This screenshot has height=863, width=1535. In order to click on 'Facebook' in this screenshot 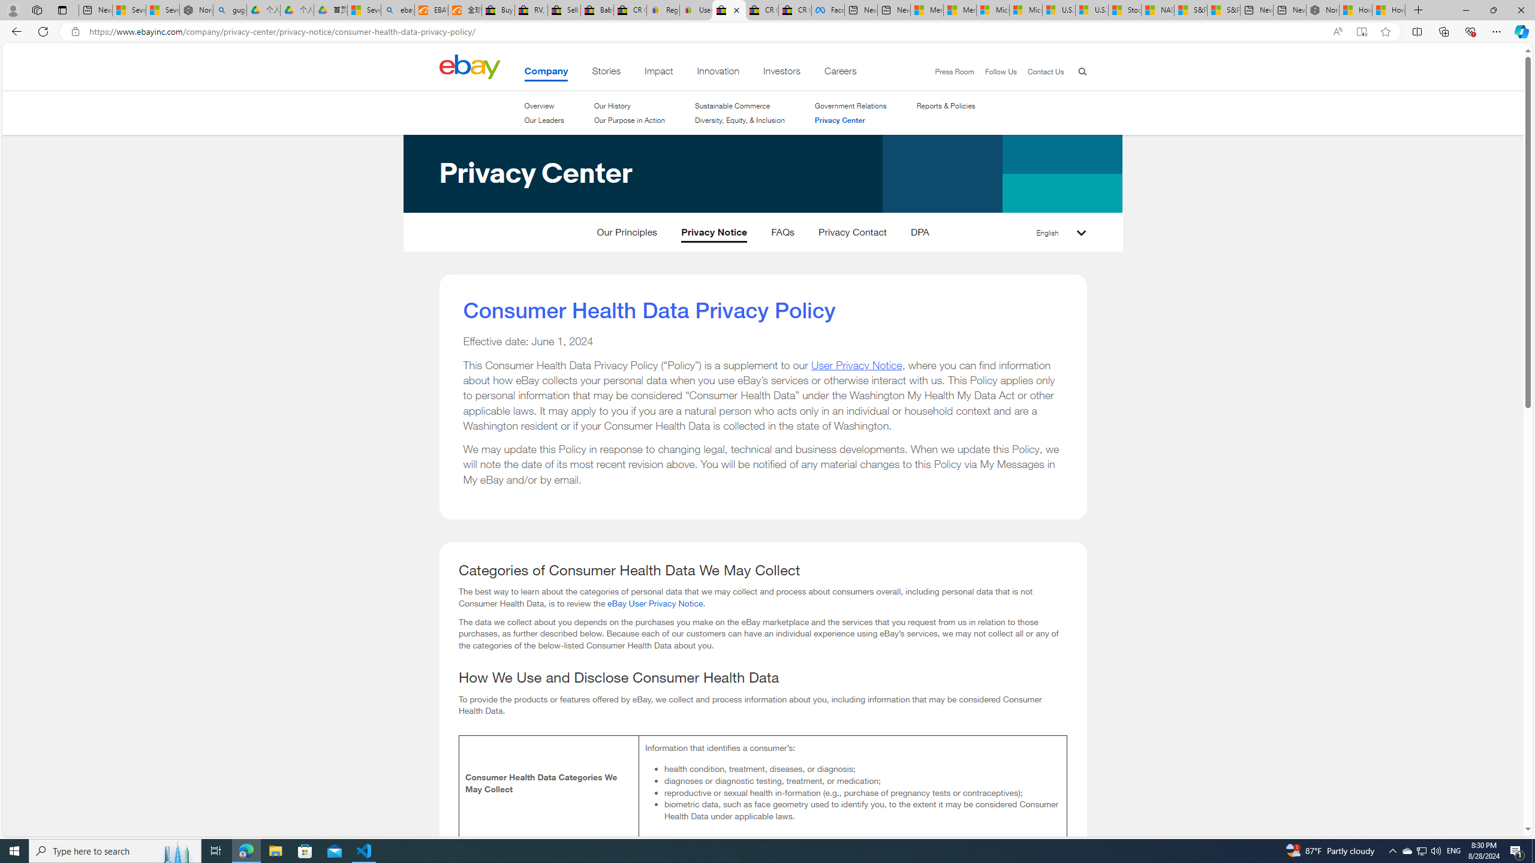, I will do `click(828, 10)`.